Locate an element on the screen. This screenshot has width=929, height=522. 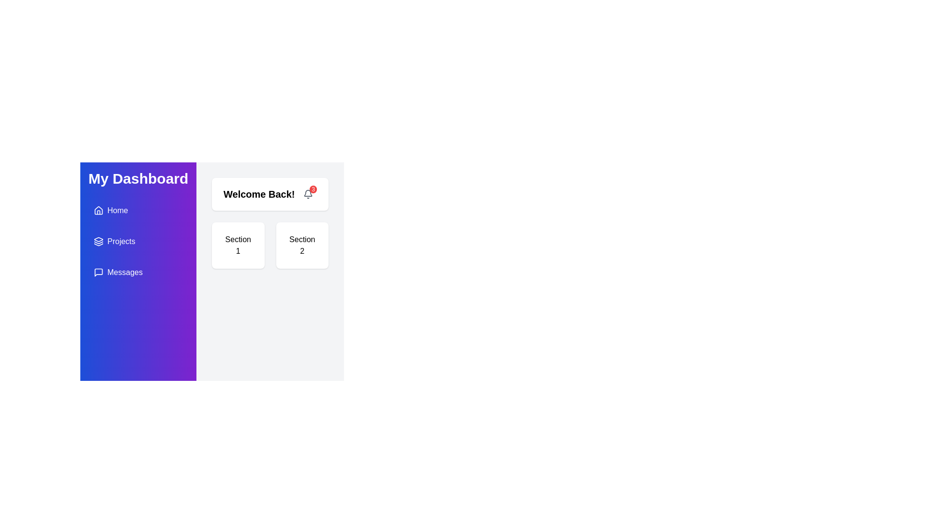
the graphical icon representing layers, which is the first of three horizontally aligned elements in the upper-right area of the layout is located at coordinates (99, 239).